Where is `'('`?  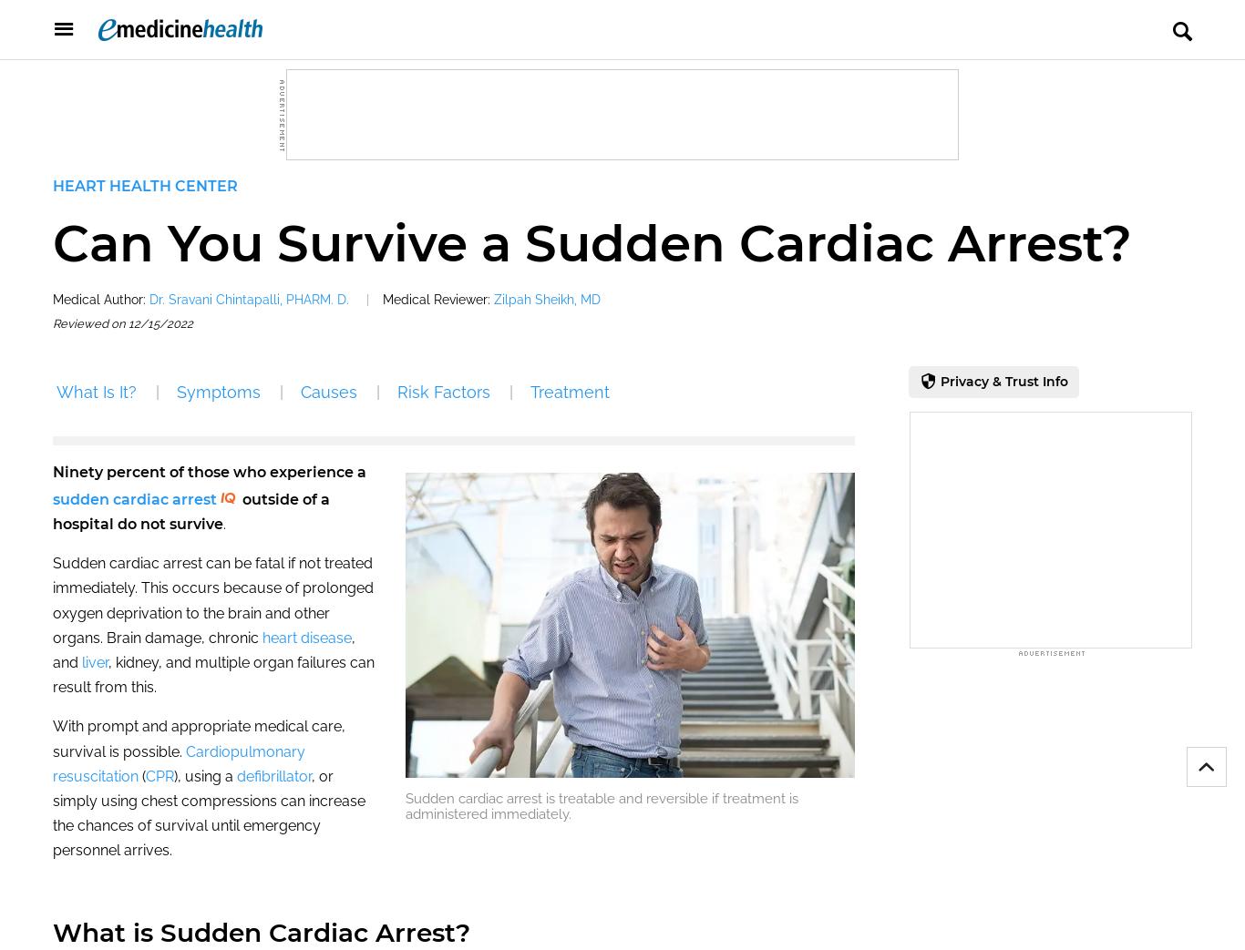 '(' is located at coordinates (140, 775).